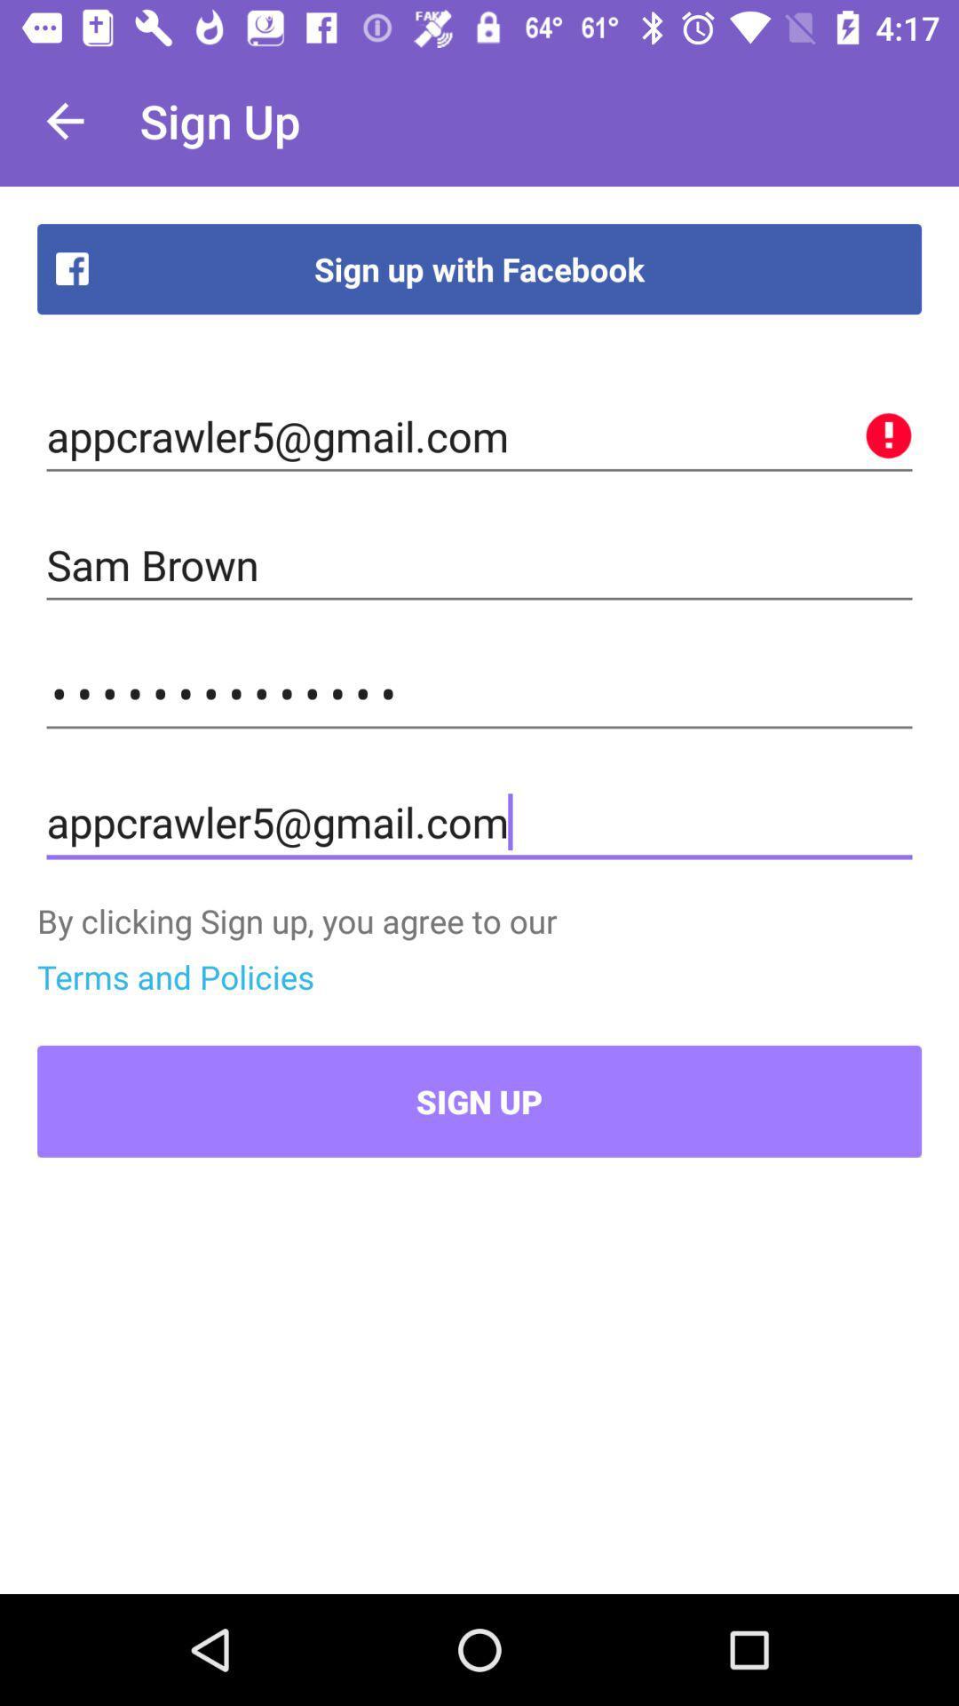 Image resolution: width=959 pixels, height=1706 pixels. What do you see at coordinates (479, 564) in the screenshot?
I see `the item below appcrawler5@gmail.com` at bounding box center [479, 564].